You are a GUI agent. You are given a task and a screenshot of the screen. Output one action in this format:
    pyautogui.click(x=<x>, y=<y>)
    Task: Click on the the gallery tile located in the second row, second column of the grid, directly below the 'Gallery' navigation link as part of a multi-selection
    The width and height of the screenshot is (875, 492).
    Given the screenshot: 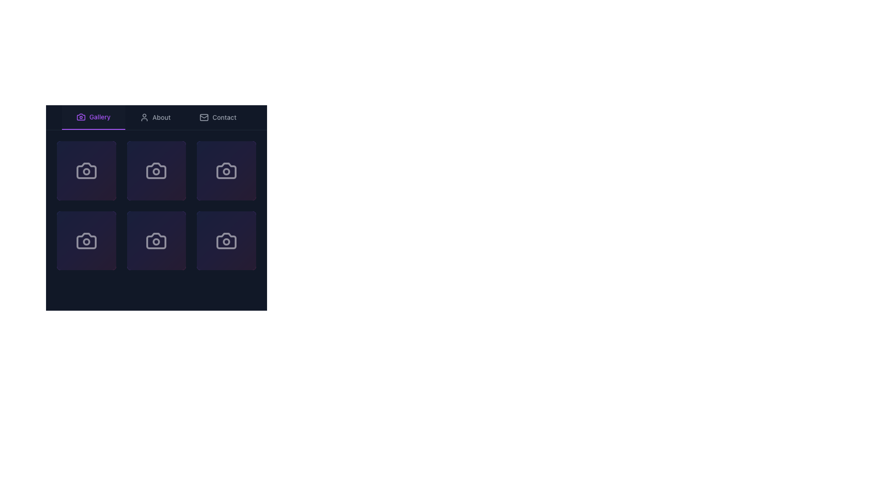 What is the action you would take?
    pyautogui.click(x=156, y=193)
    